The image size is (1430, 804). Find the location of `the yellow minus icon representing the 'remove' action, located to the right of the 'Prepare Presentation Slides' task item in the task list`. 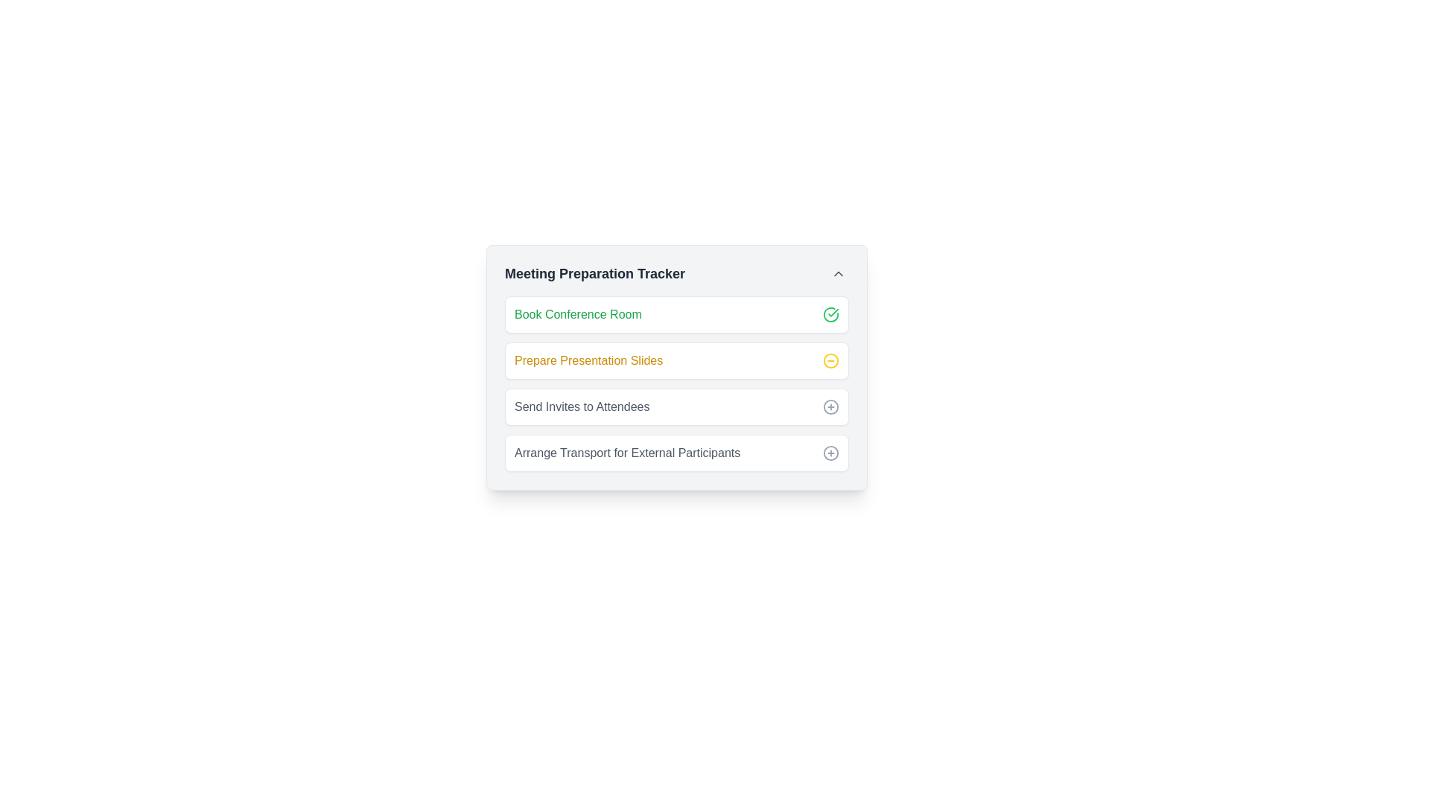

the yellow minus icon representing the 'remove' action, located to the right of the 'Prepare Presentation Slides' task item in the task list is located at coordinates (830, 361).